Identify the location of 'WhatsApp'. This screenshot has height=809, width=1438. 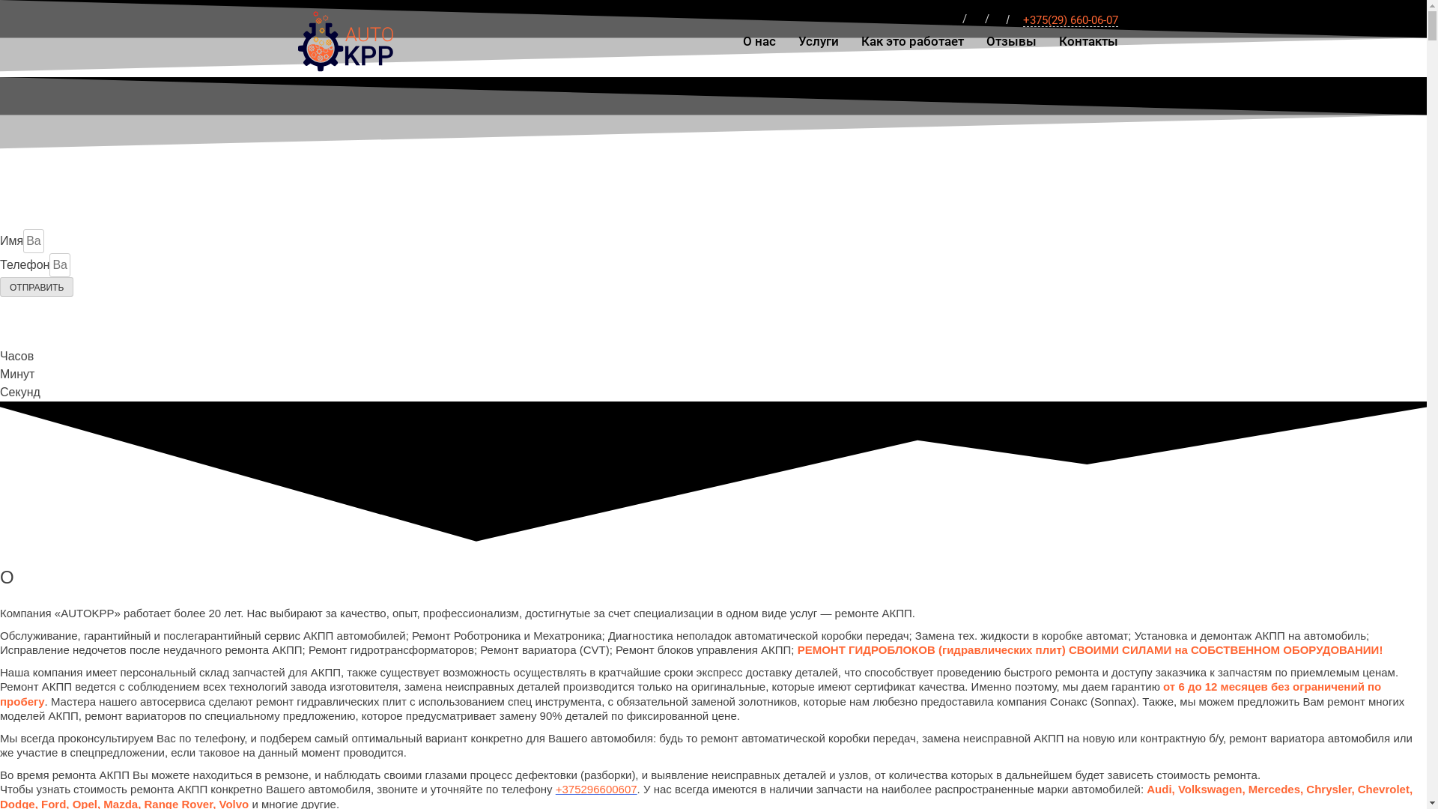
(952, 20).